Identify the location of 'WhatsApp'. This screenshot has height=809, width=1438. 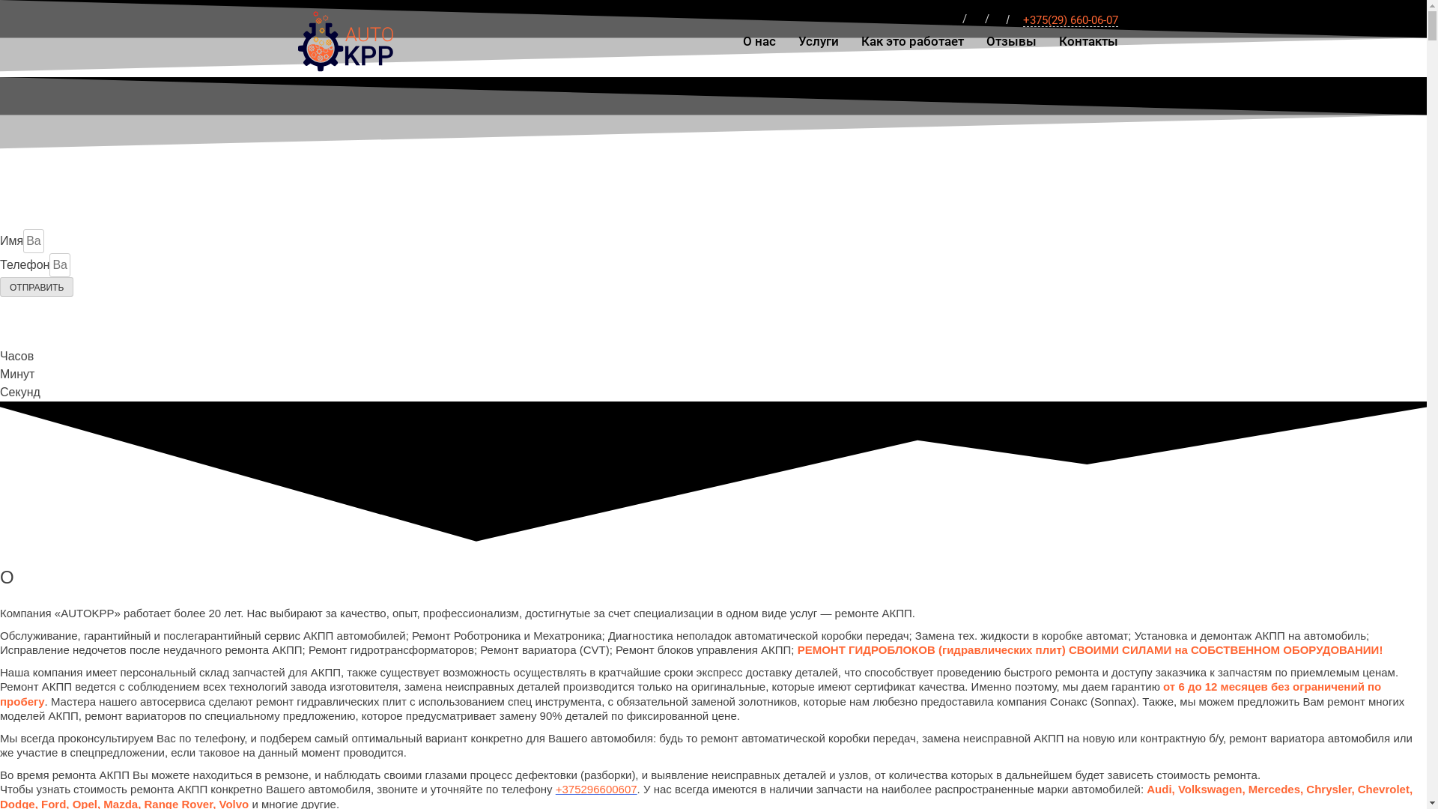
(952, 20).